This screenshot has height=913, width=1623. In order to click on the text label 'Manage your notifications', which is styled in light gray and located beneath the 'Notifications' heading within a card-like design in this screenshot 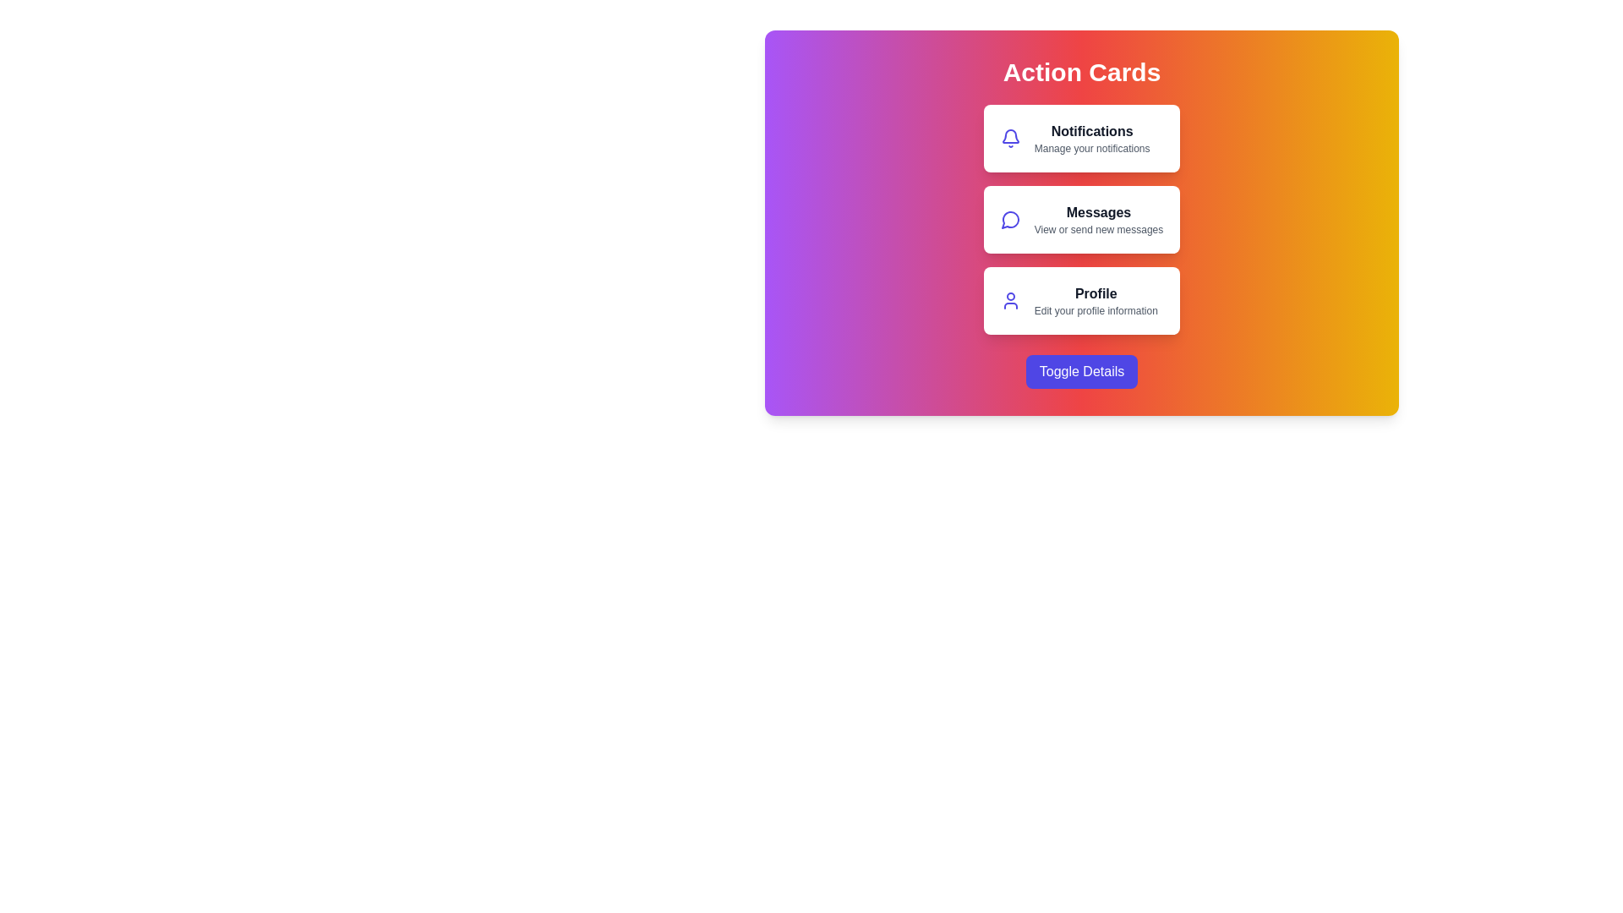, I will do `click(1092, 148)`.